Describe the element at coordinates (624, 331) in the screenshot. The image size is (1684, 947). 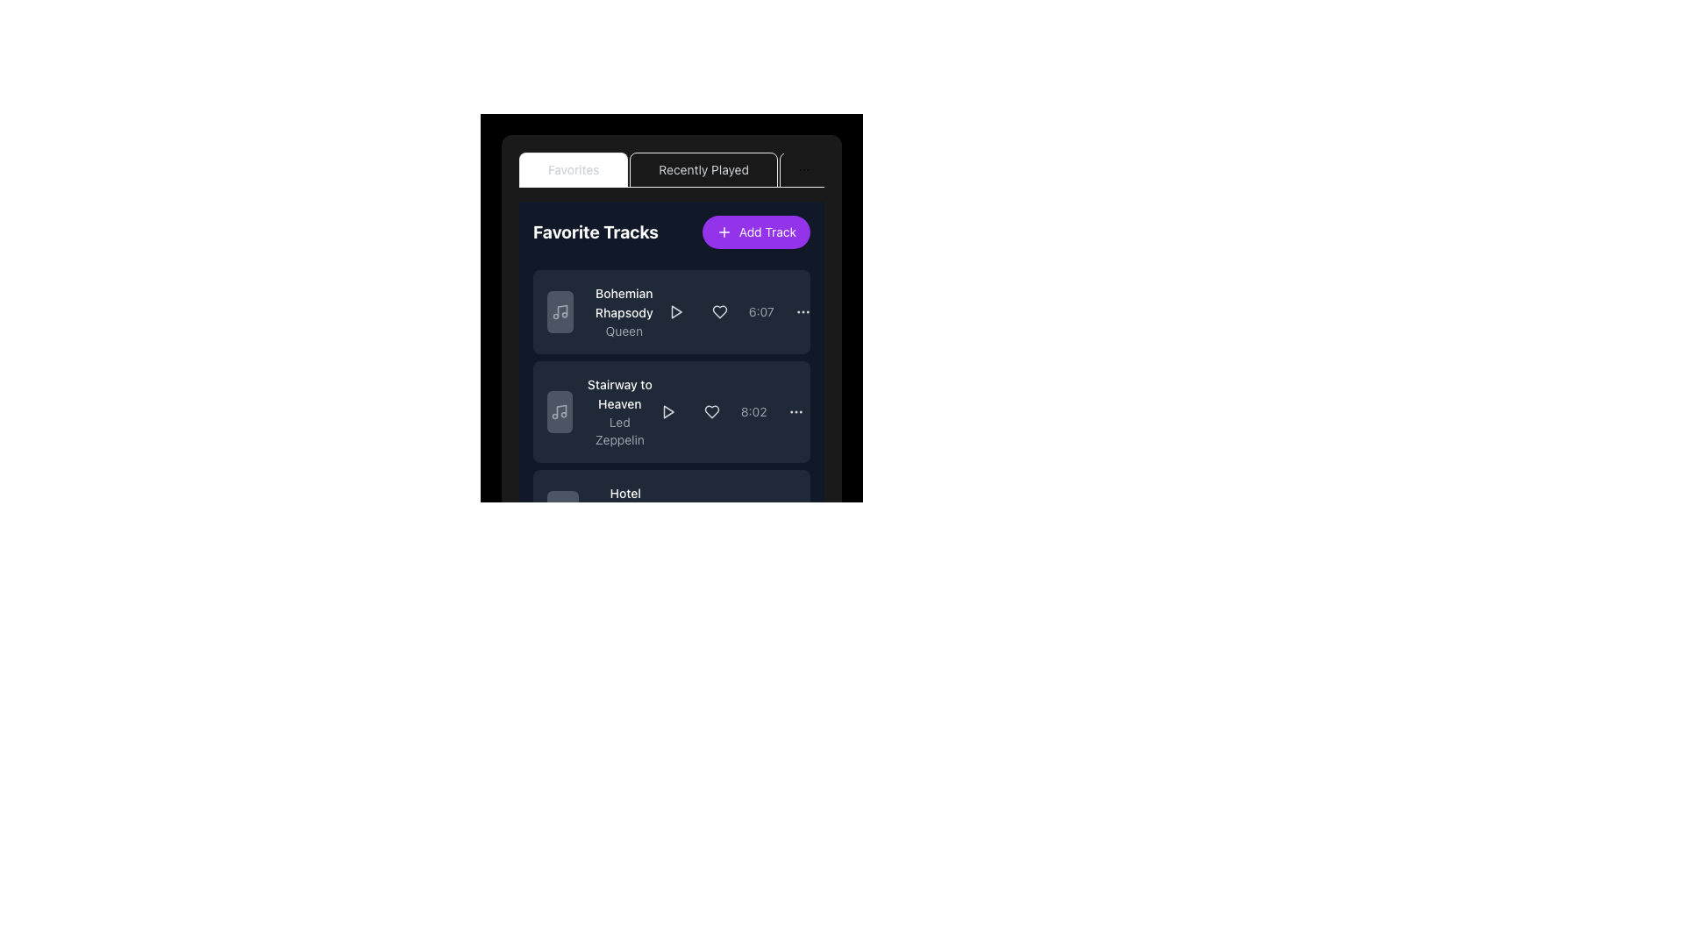
I see `the Text Label indicating the artist associated with the track 'Bohemian Rhapsody', located in the 'Favorite Tracks' section` at that location.